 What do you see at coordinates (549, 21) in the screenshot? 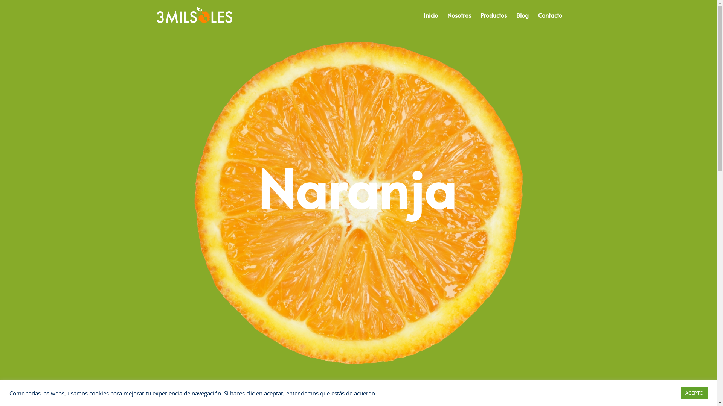
I see `'Contacto'` at bounding box center [549, 21].